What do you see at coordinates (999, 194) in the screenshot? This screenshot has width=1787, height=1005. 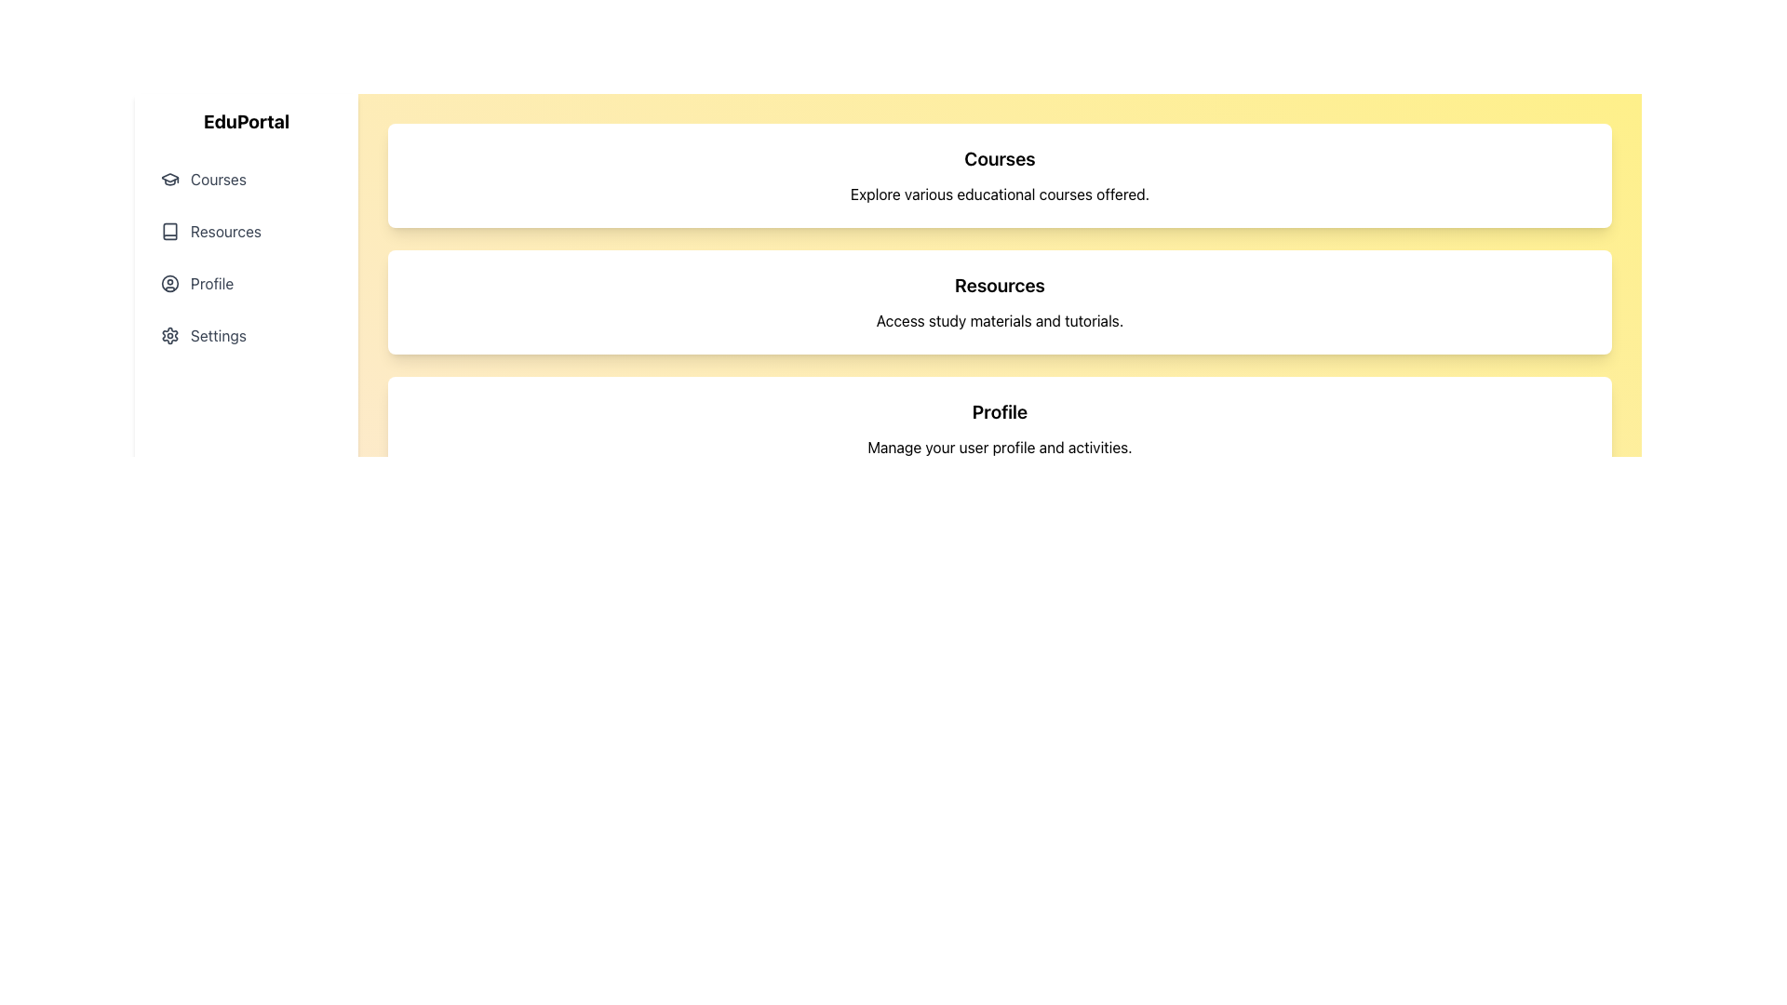 I see `the text element that reads 'Explore various educational courses offered.' which is located beneath the 'Courses' title` at bounding box center [999, 194].